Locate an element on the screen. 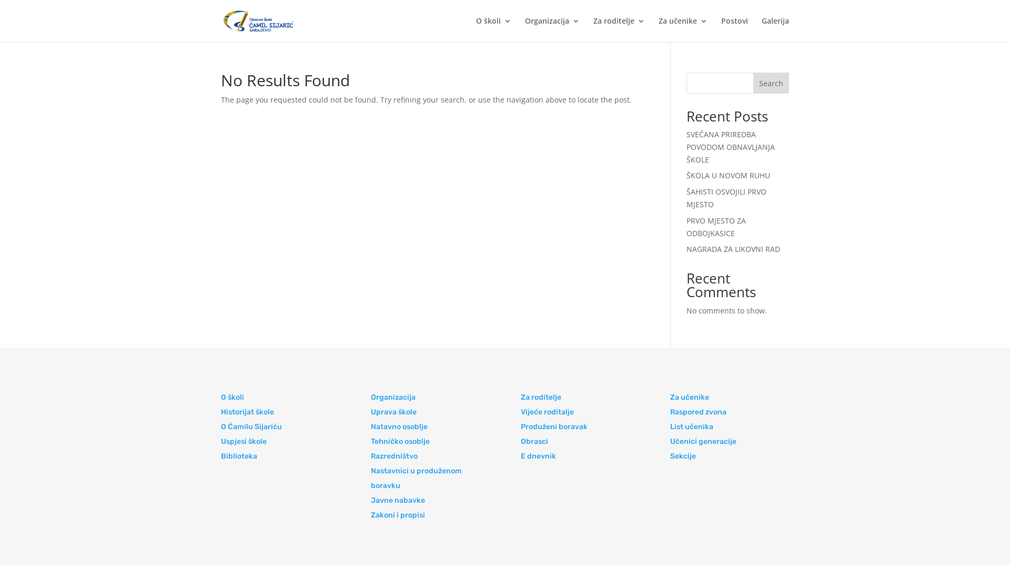 Image resolution: width=1010 pixels, height=568 pixels. 'Organizacija' is located at coordinates (392, 397).